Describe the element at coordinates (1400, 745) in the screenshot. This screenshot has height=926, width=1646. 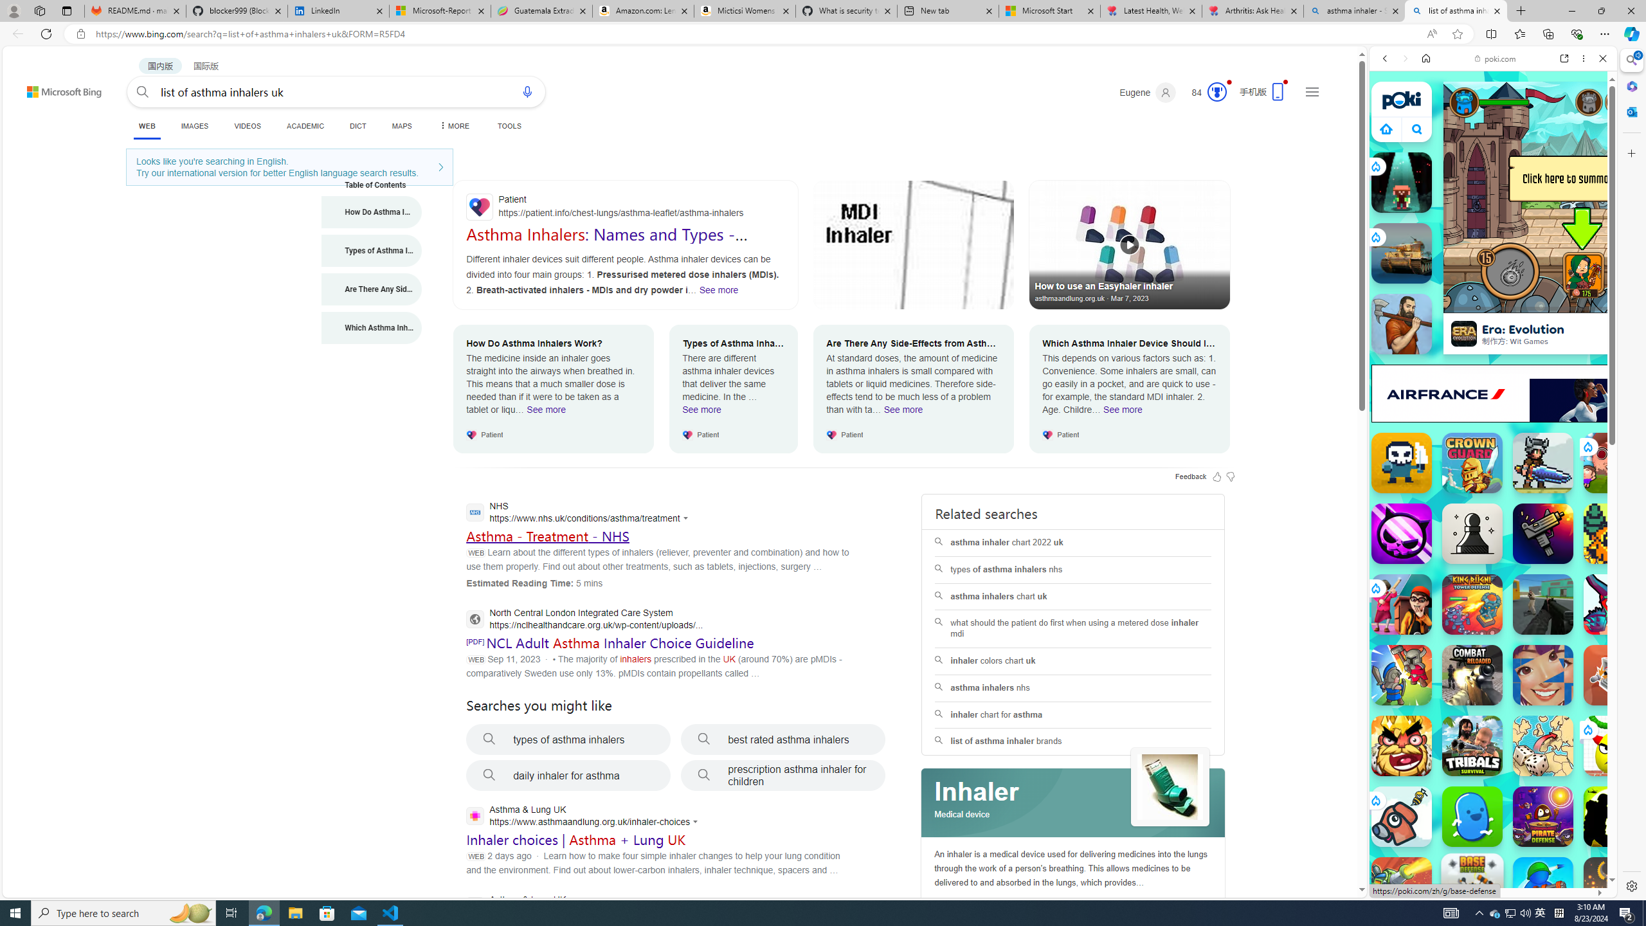
I see `'Like a King'` at that location.